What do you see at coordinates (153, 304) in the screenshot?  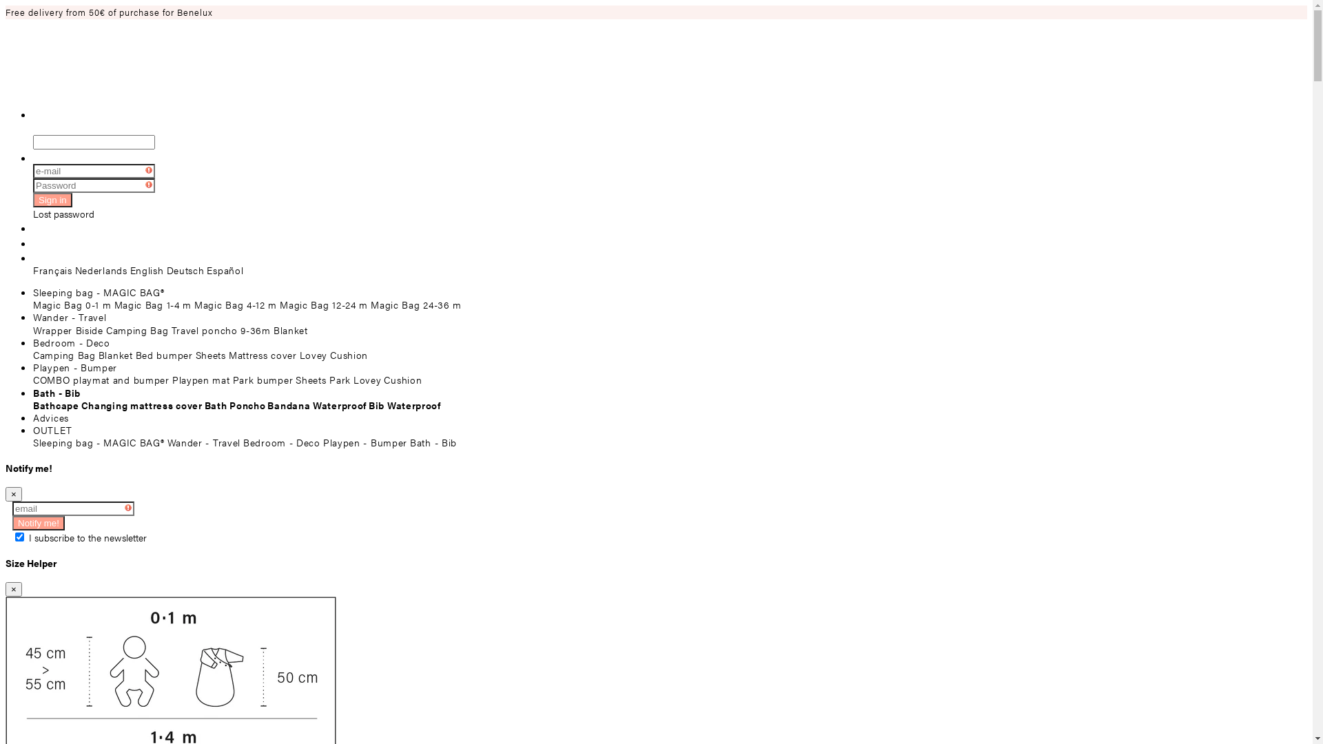 I see `'Magic Bag 1-4 m'` at bounding box center [153, 304].